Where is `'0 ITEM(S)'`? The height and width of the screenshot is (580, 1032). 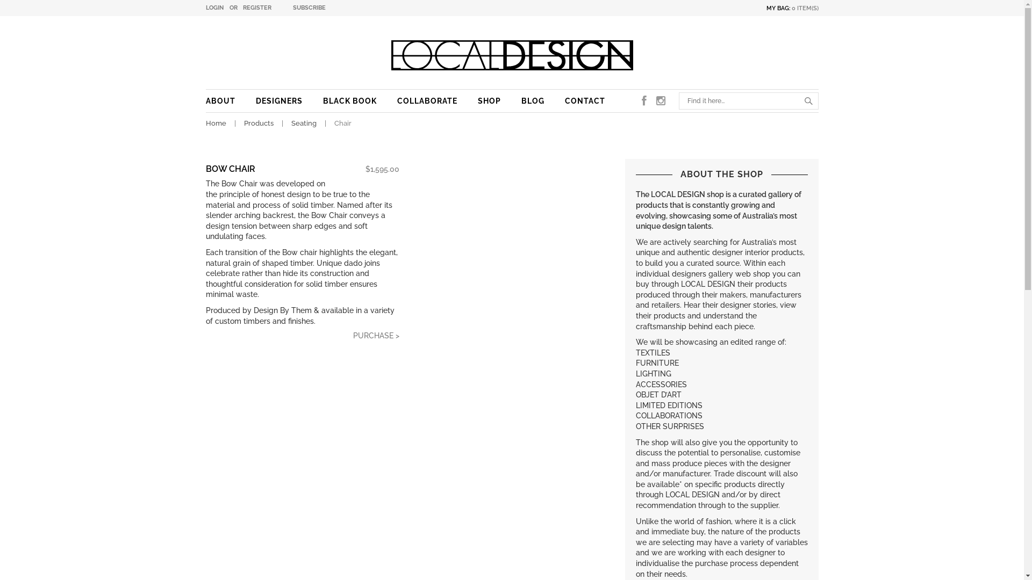
'0 ITEM(S)' is located at coordinates (805, 8).